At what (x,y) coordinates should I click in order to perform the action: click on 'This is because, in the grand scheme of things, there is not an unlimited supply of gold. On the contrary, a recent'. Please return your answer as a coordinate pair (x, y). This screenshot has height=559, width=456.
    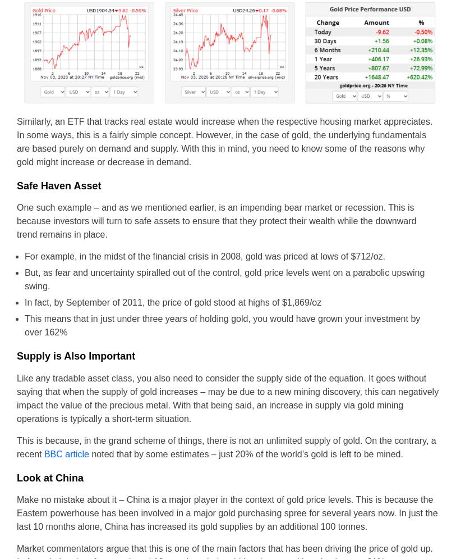
    Looking at the image, I should click on (225, 447).